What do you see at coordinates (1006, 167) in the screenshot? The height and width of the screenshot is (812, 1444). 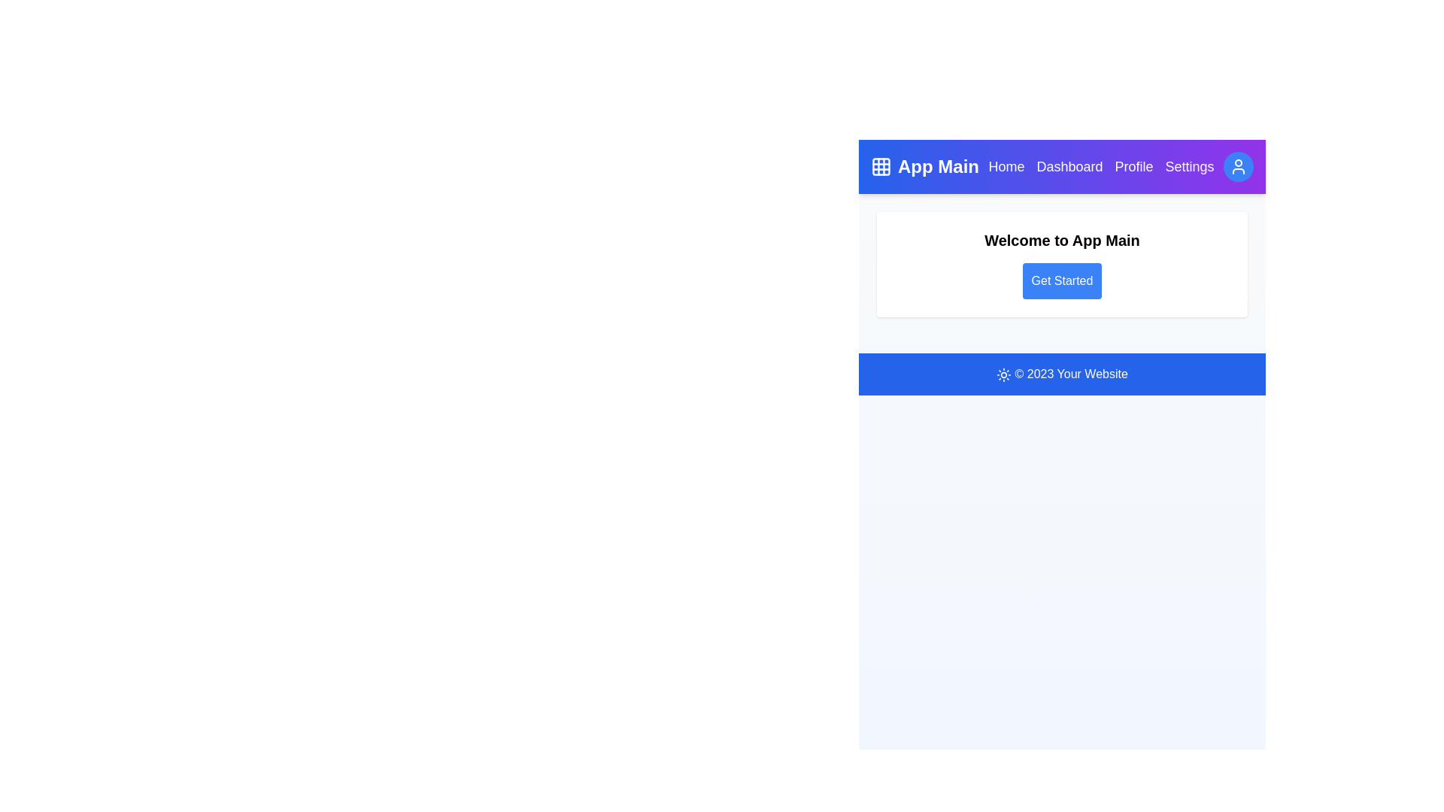 I see `the navigation link labeled Home to navigate to the corresponding section` at bounding box center [1006, 167].